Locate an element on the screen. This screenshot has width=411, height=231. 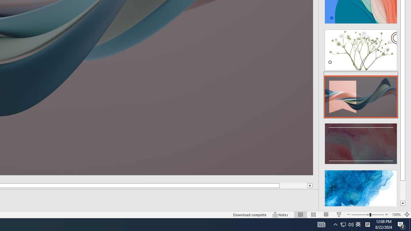
'Download complete ' is located at coordinates (249, 215).